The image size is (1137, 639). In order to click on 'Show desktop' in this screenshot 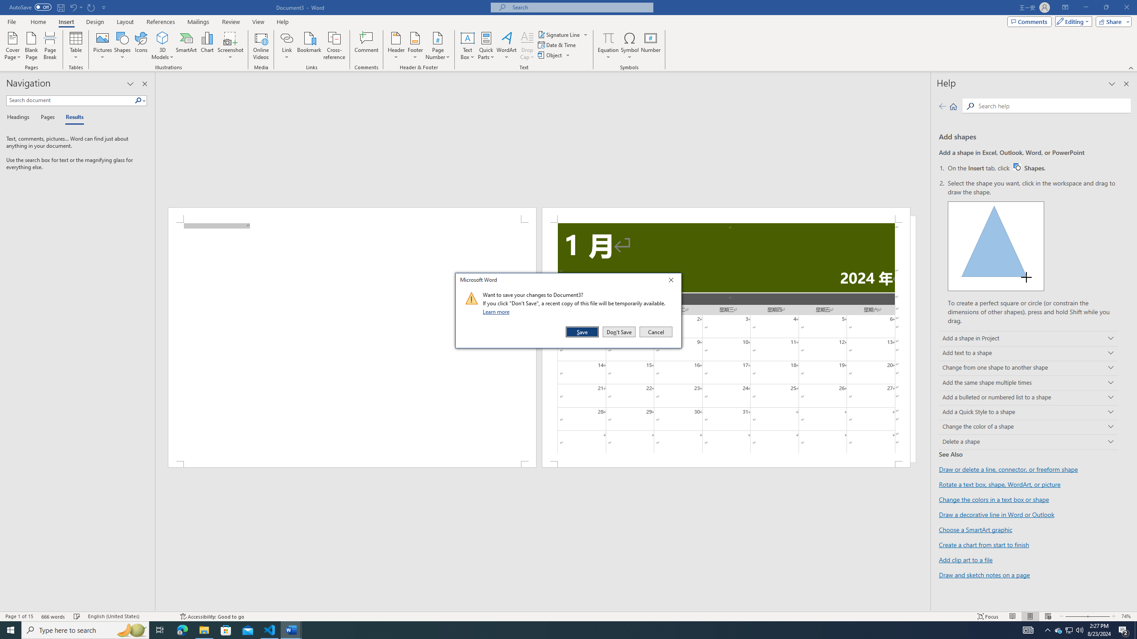, I will do `click(1135, 629)`.